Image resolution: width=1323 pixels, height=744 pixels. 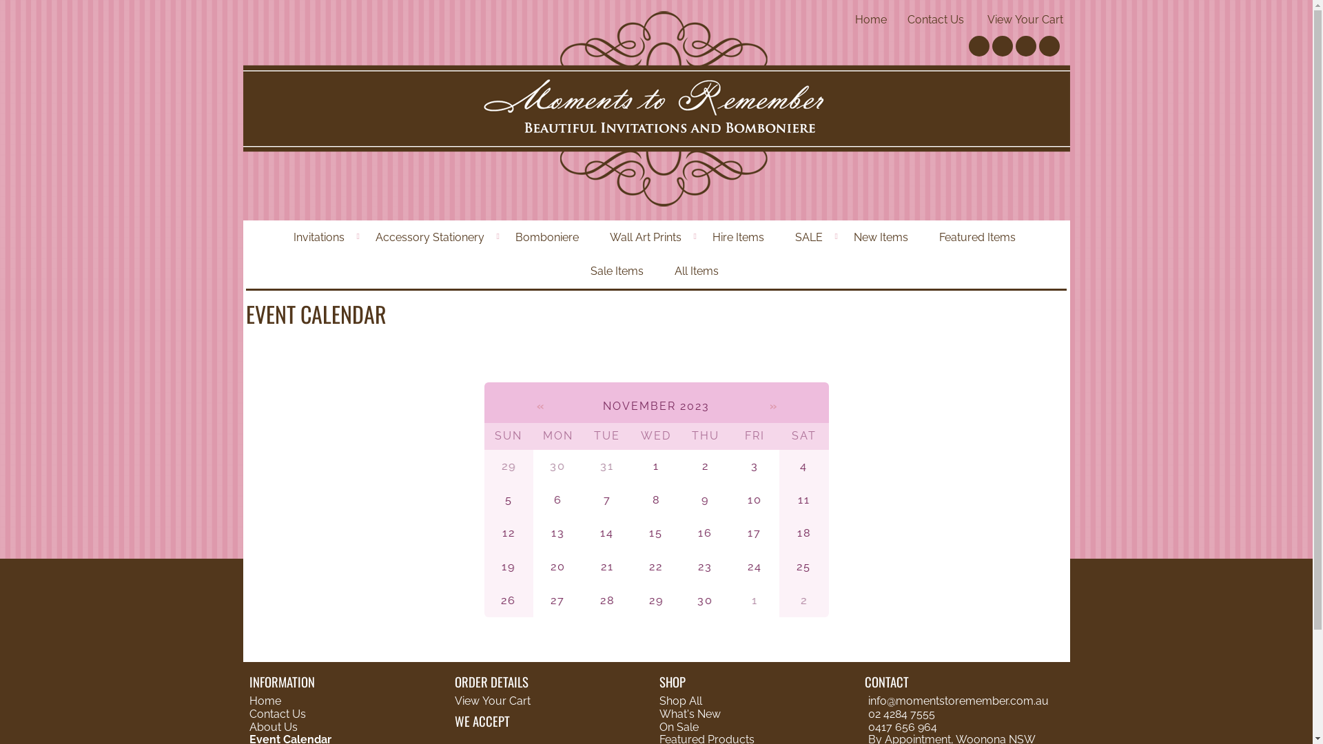 What do you see at coordinates (903, 726) in the screenshot?
I see `'0417 656 964'` at bounding box center [903, 726].